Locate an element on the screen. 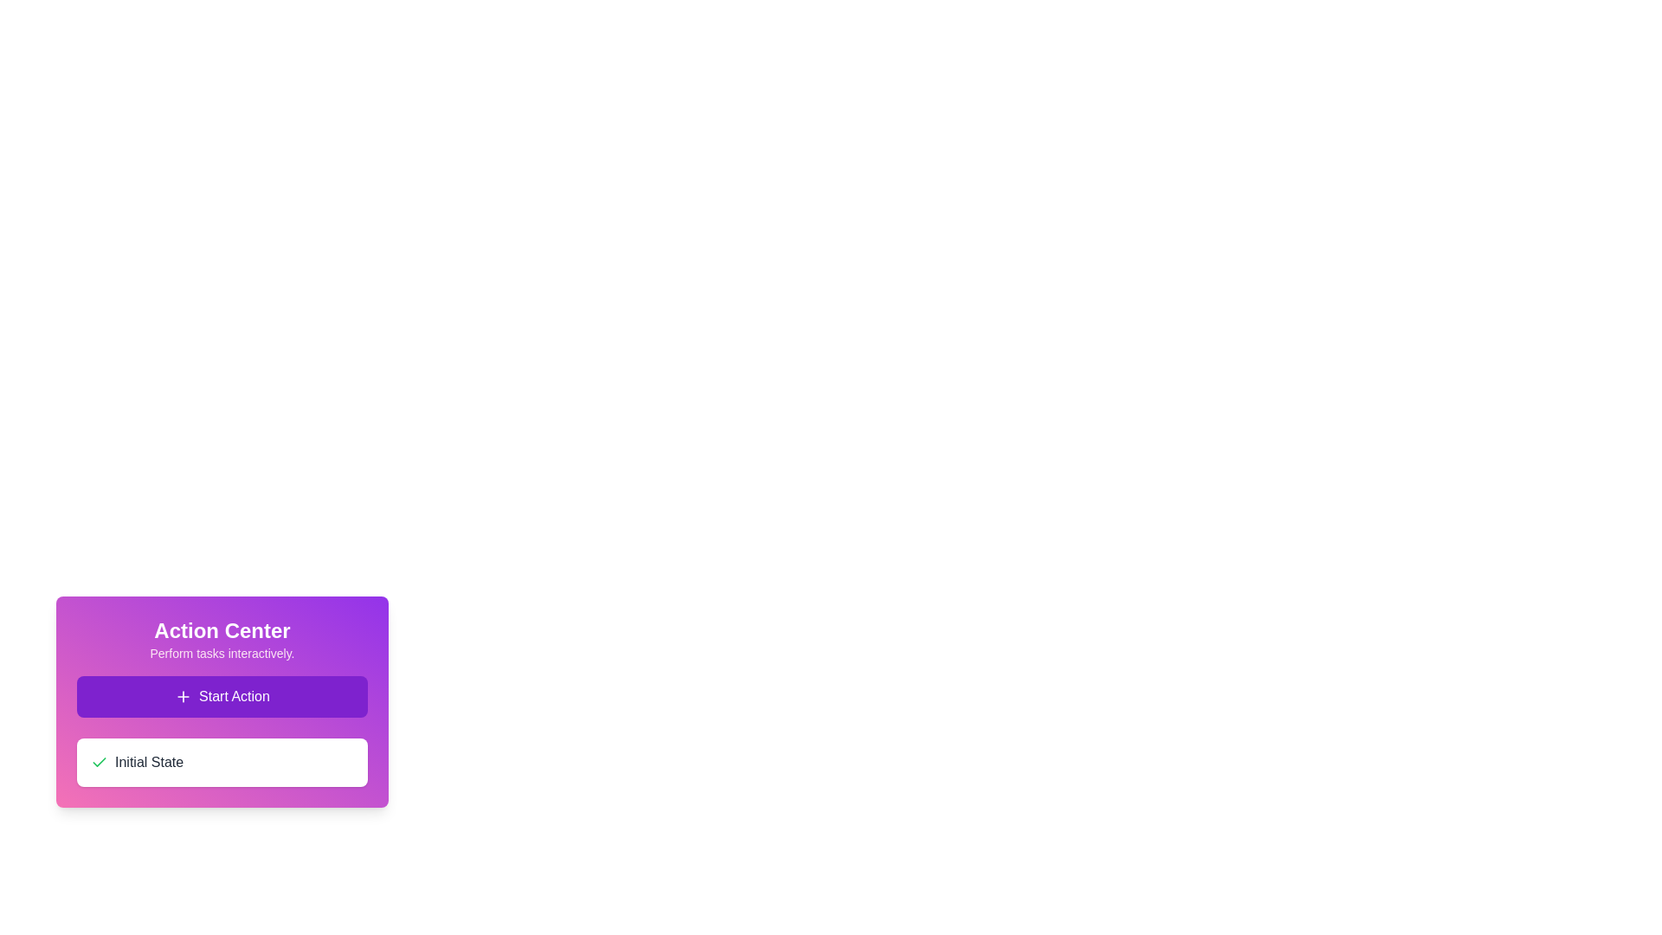  the Heading with subtitle element that provides context for the 'Action Center' is located at coordinates (222, 640).